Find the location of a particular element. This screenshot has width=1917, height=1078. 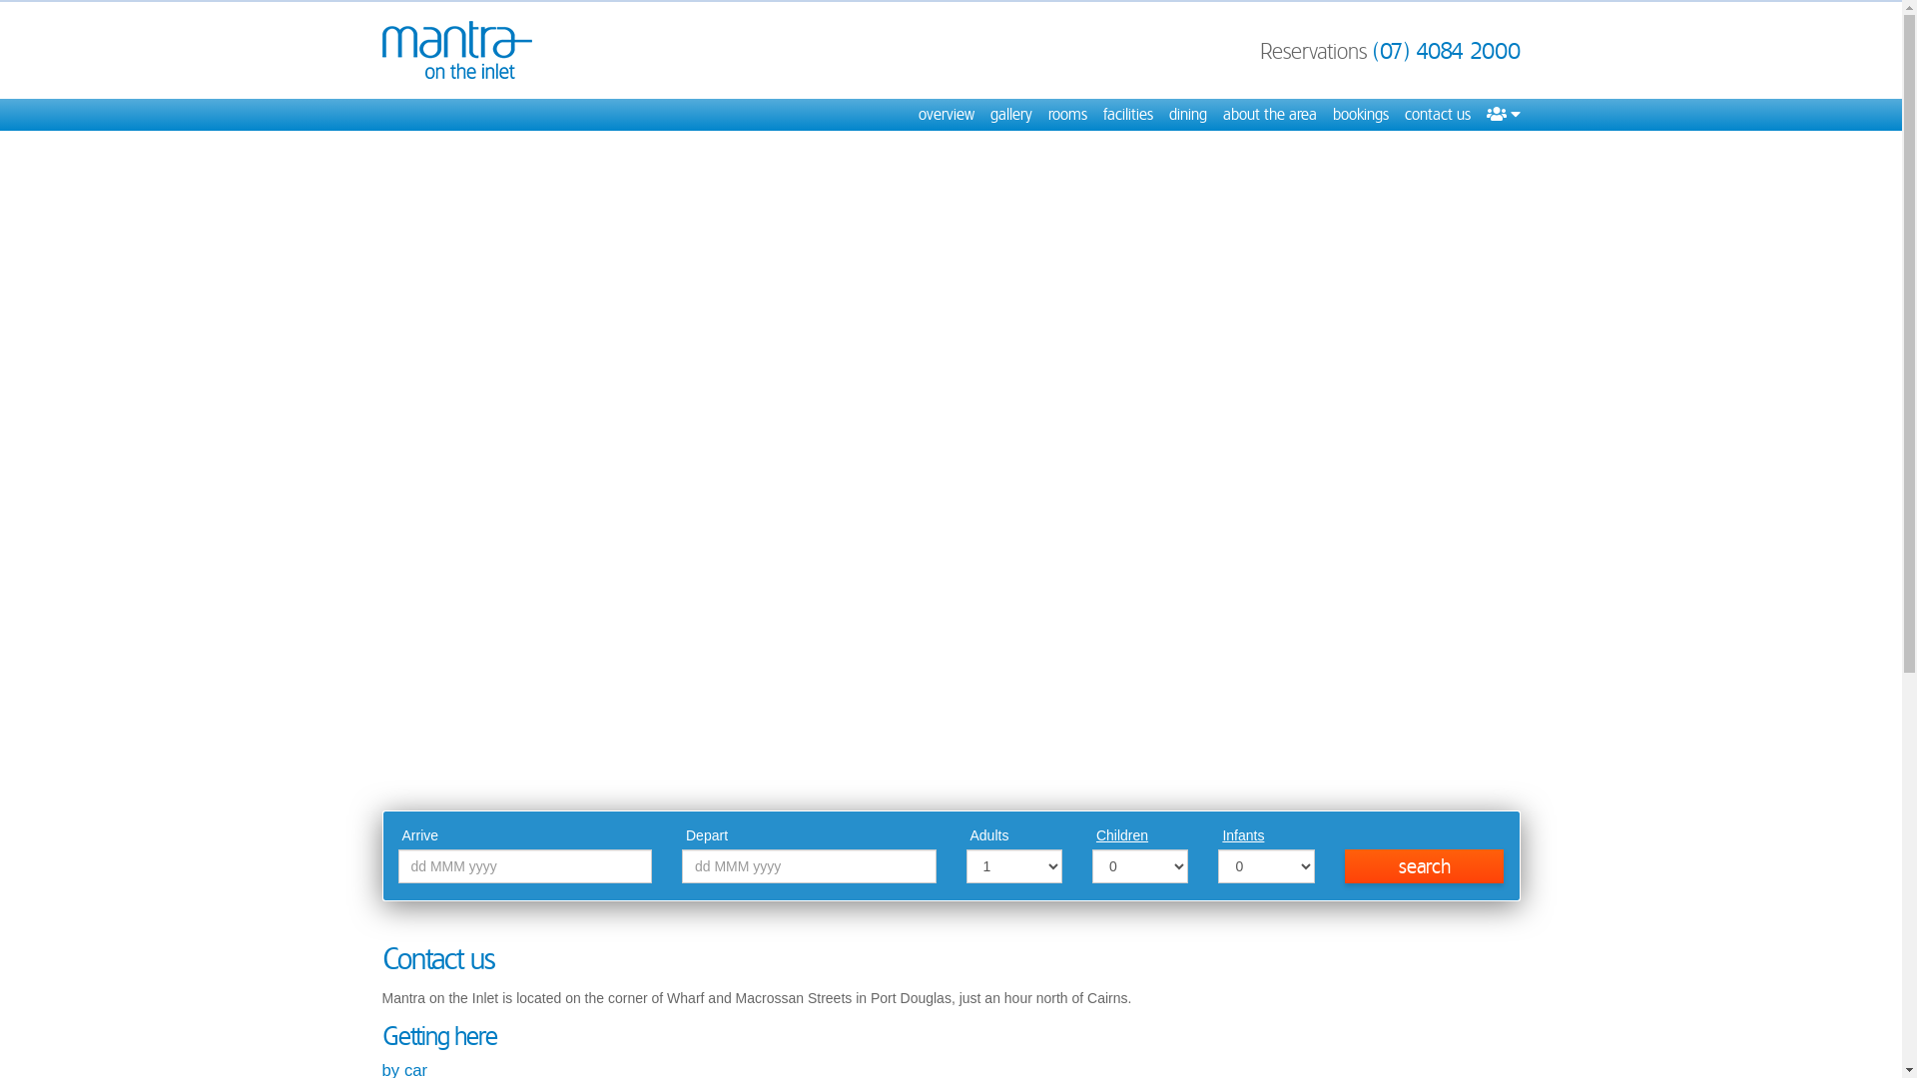

'overview' is located at coordinates (946, 115).